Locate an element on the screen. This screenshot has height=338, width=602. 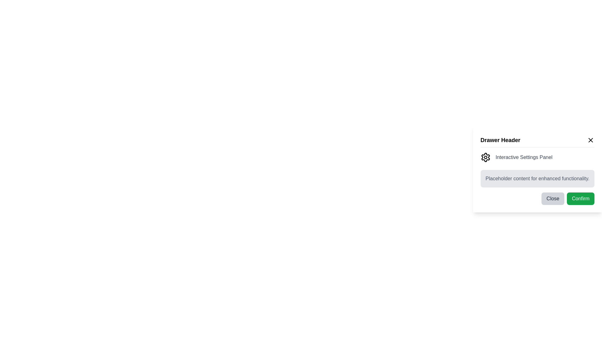
the label displaying 'Interactive Settings Panel', which is styled with 'text-gray-700' and placed adjacent to a settings gear icon in the header area of the floating settings panel is located at coordinates (524, 157).